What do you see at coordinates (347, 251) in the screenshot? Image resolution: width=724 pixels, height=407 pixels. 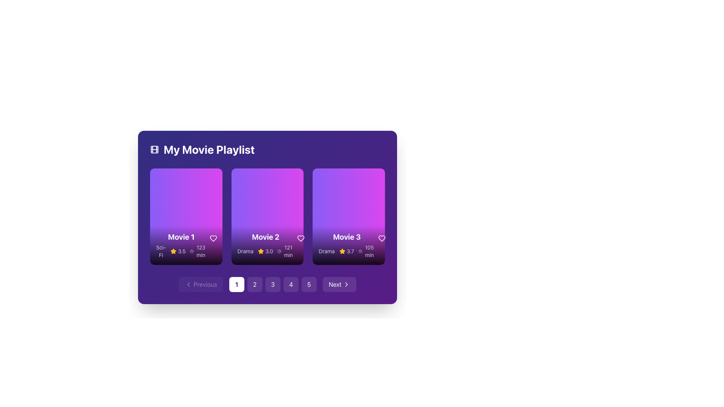 I see `the informational text block displaying 'Drama 3.7 105 min'` at bounding box center [347, 251].